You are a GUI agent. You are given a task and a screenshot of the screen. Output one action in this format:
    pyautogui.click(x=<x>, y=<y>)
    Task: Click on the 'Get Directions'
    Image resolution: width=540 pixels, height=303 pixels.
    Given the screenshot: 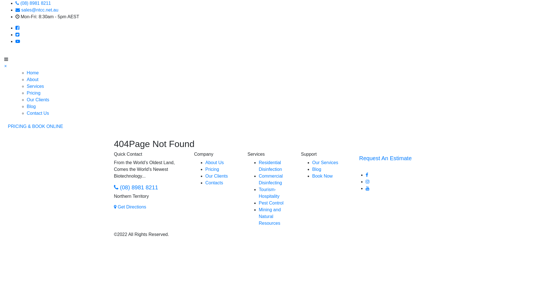 What is the action you would take?
    pyautogui.click(x=130, y=207)
    